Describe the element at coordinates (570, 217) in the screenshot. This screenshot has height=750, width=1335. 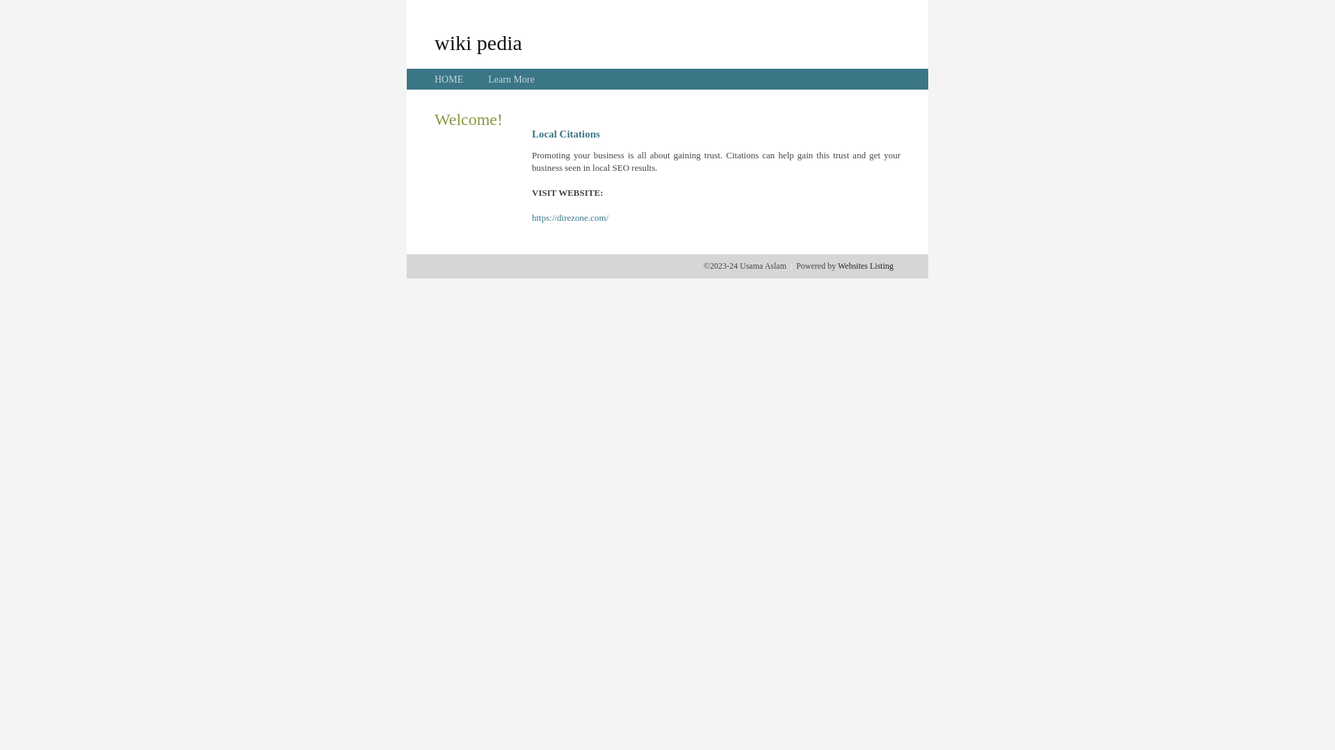
I see `'https://direzone.com/'` at that location.